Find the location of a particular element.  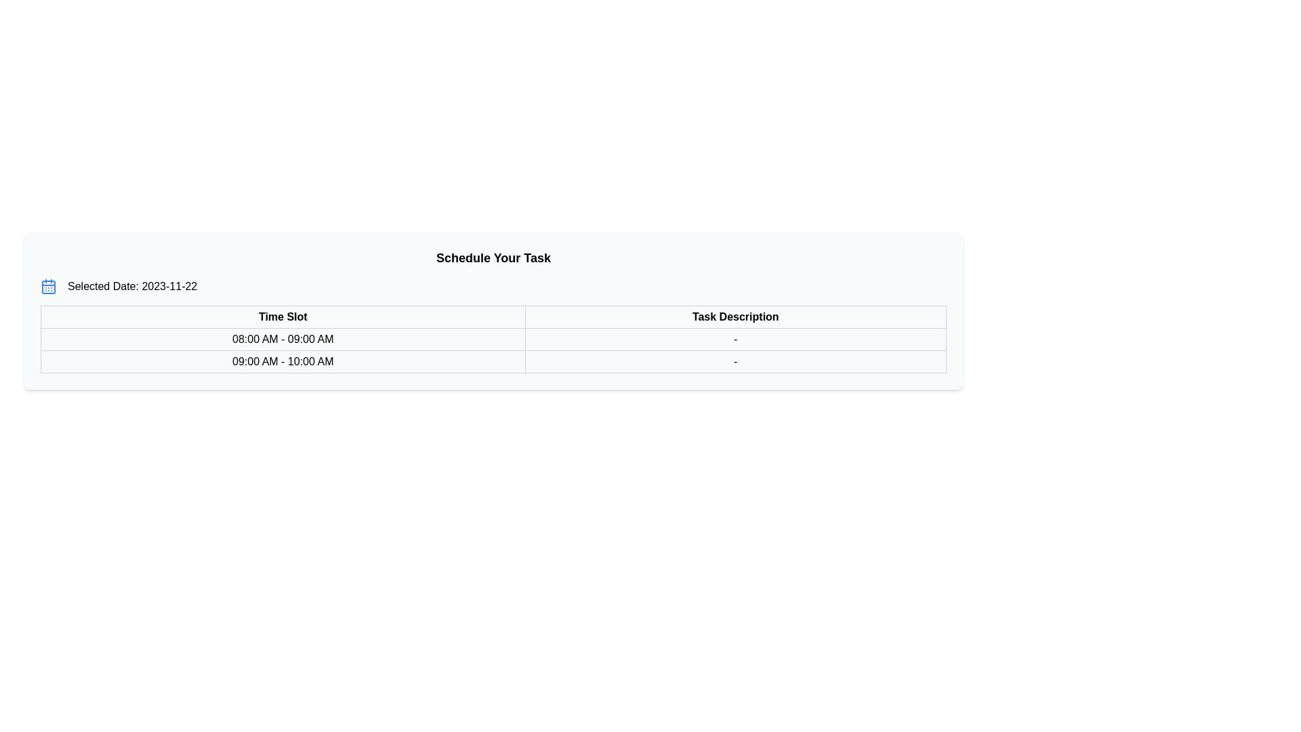

the blue calendar icon located at the far left of the horizontal panel is located at coordinates (49, 286).